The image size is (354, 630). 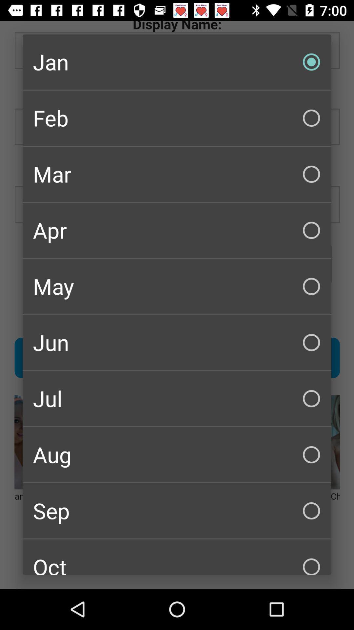 What do you see at coordinates (177, 118) in the screenshot?
I see `the feb` at bounding box center [177, 118].